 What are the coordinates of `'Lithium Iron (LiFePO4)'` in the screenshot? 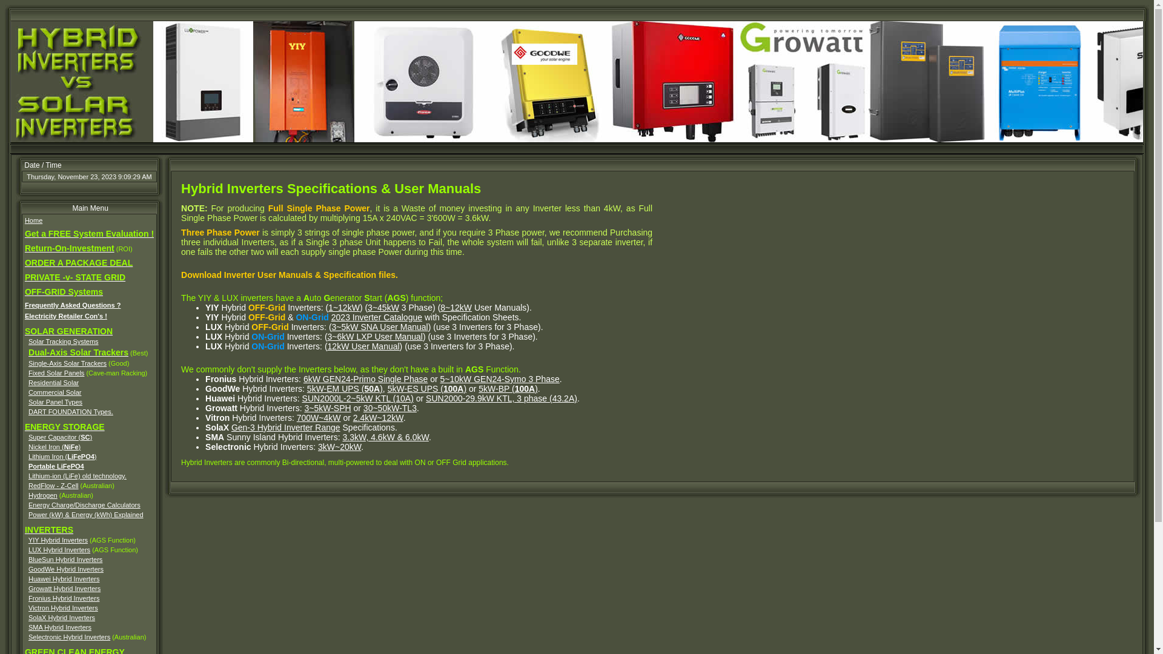 It's located at (62, 456).